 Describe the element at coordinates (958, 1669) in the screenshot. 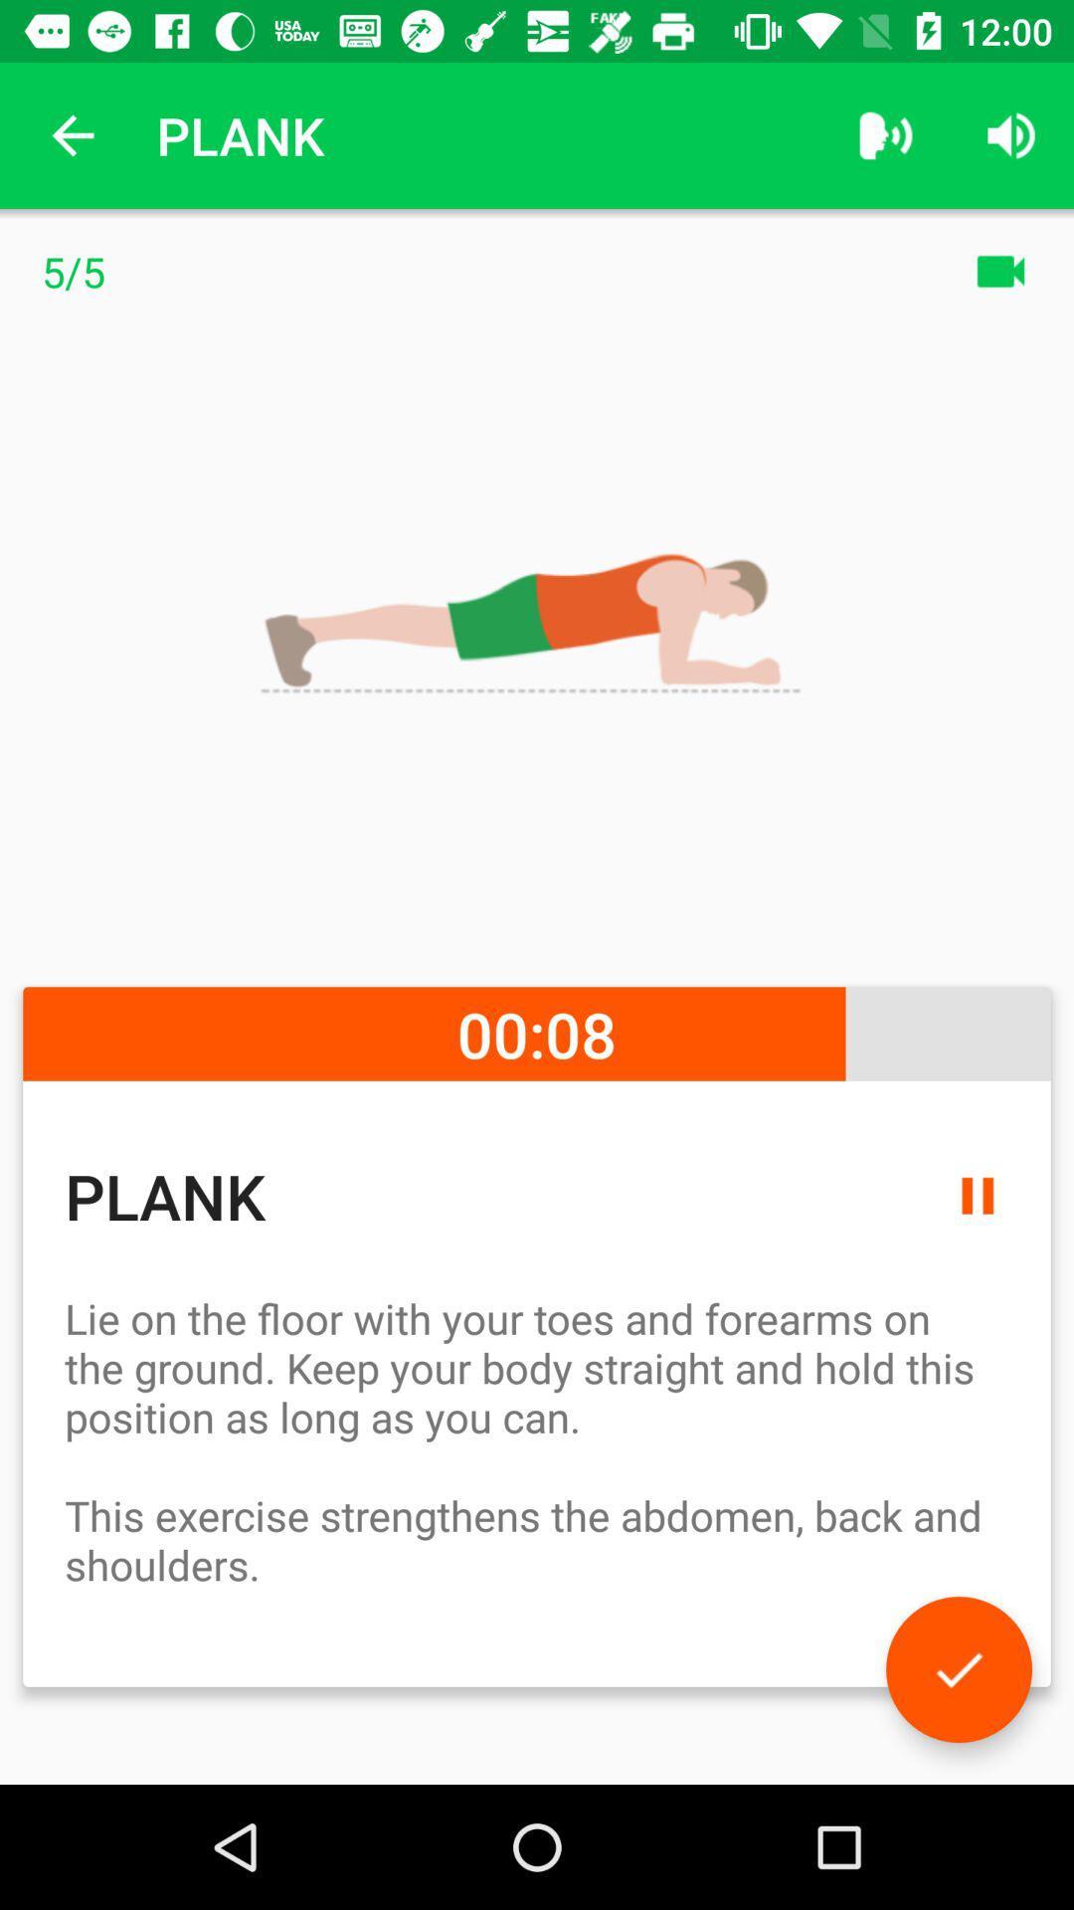

I see `accept the task` at that location.